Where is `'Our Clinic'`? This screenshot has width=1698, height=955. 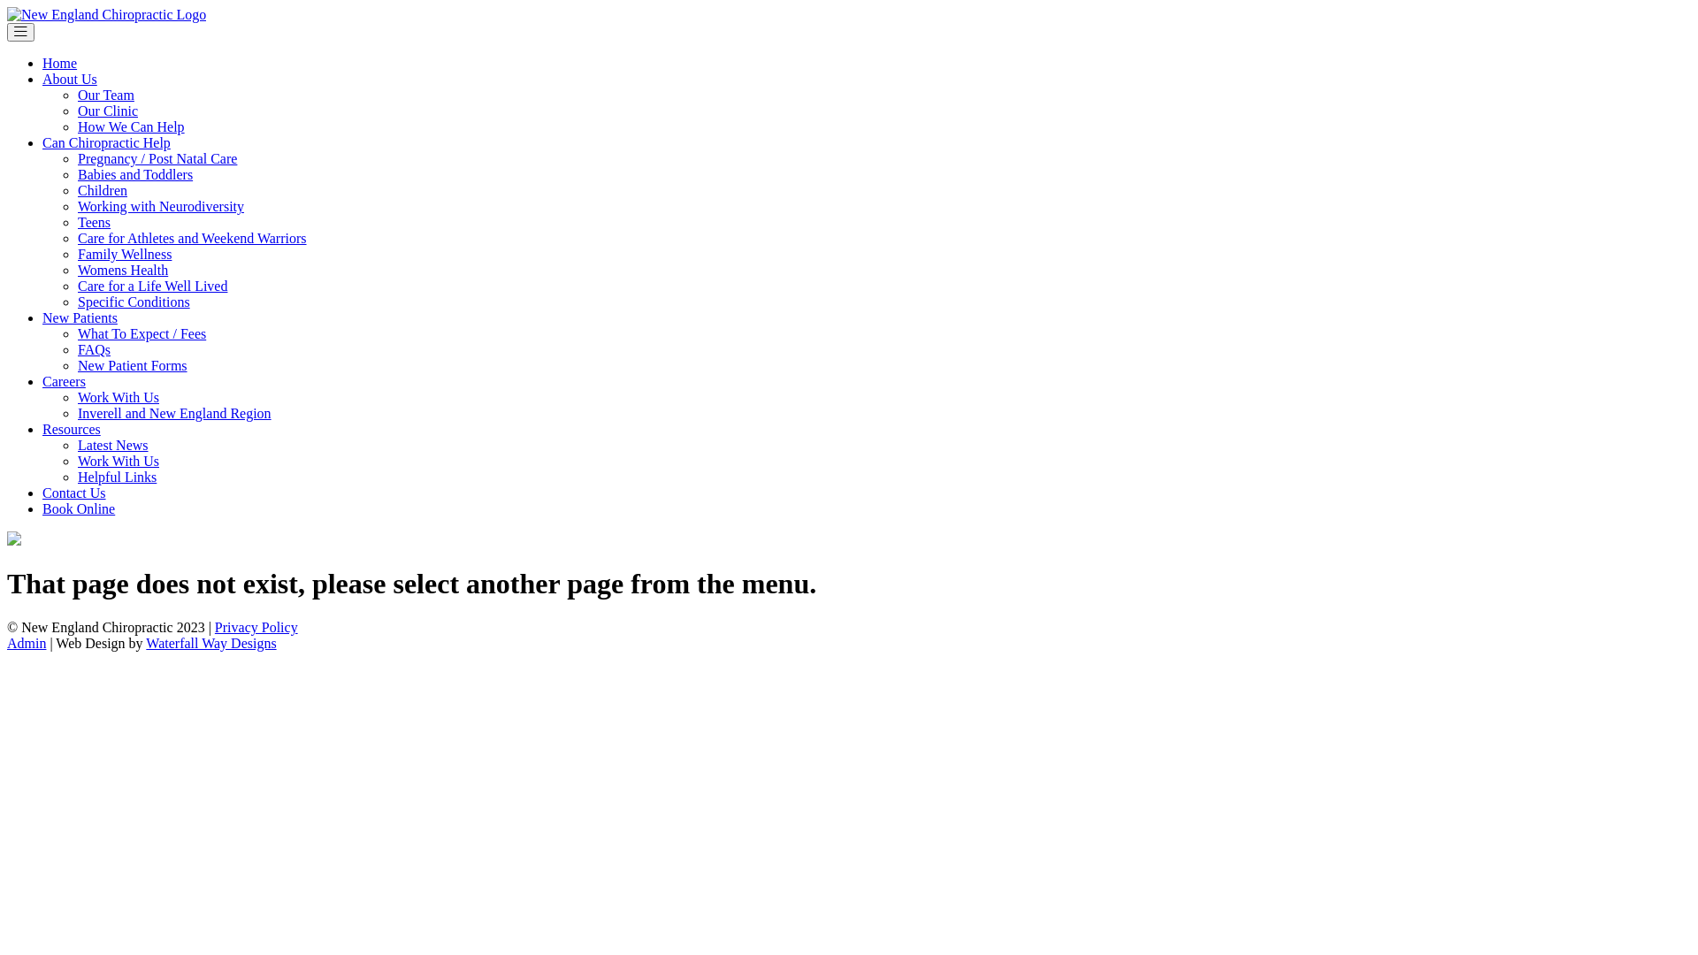
'Our Clinic' is located at coordinates (76, 111).